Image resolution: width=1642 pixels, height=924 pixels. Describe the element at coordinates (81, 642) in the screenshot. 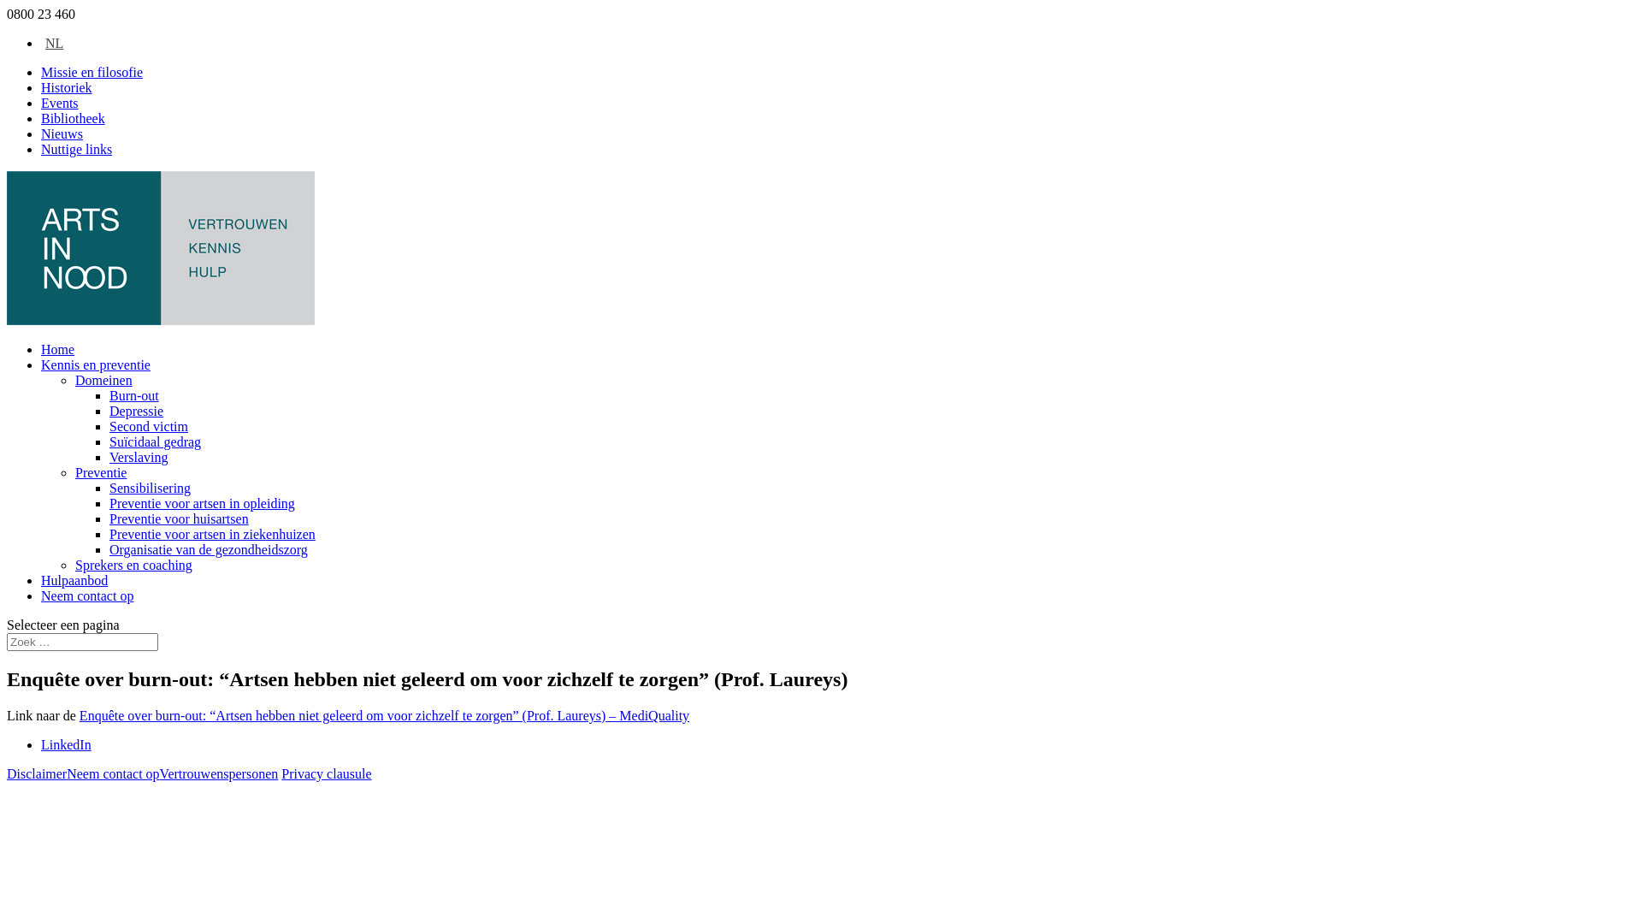

I see `'Zoek naar:'` at that location.